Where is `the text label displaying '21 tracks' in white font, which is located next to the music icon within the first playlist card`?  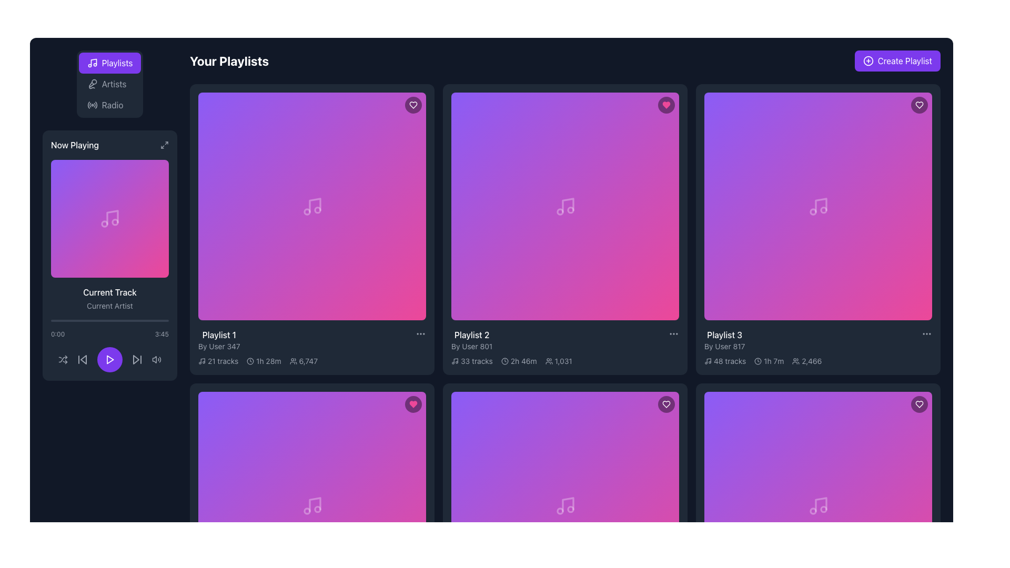 the text label displaying '21 tracks' in white font, which is located next to the music icon within the first playlist card is located at coordinates (223, 360).